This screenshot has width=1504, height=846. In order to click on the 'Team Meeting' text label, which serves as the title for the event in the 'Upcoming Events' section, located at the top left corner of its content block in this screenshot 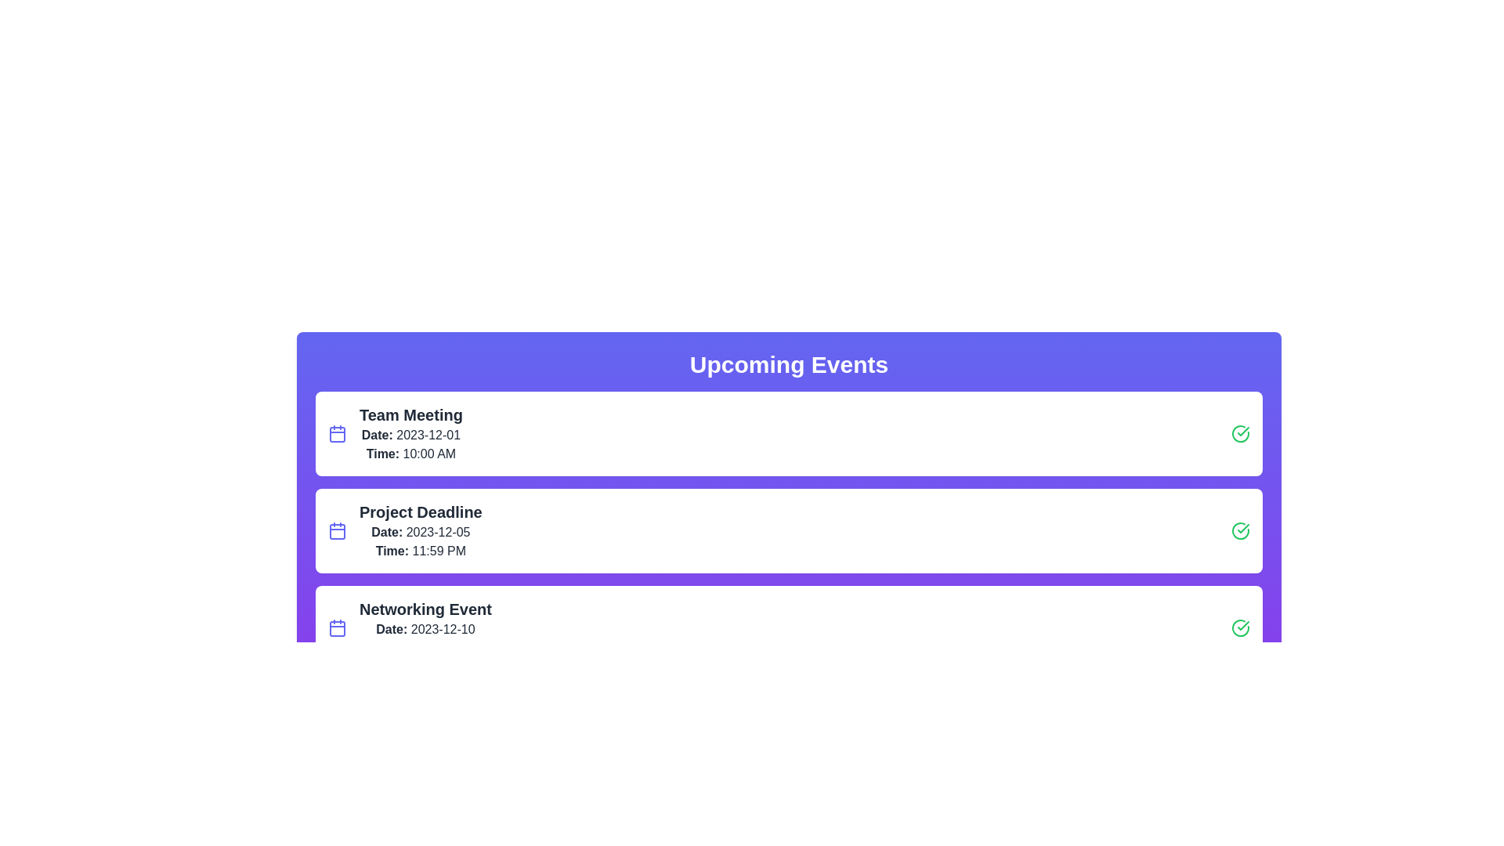, I will do `click(410, 414)`.